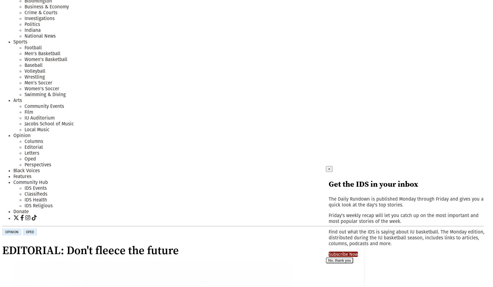 The image size is (493, 287). I want to click on 'Opinion', so click(21, 135).